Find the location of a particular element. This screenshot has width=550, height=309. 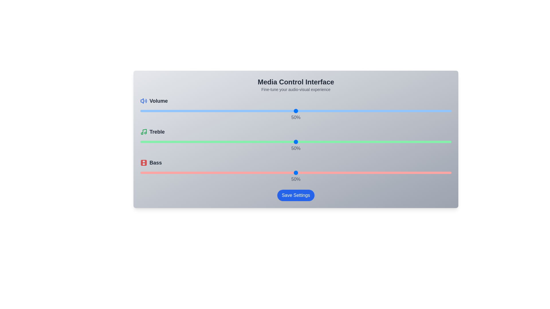

the slider value is located at coordinates (206, 142).